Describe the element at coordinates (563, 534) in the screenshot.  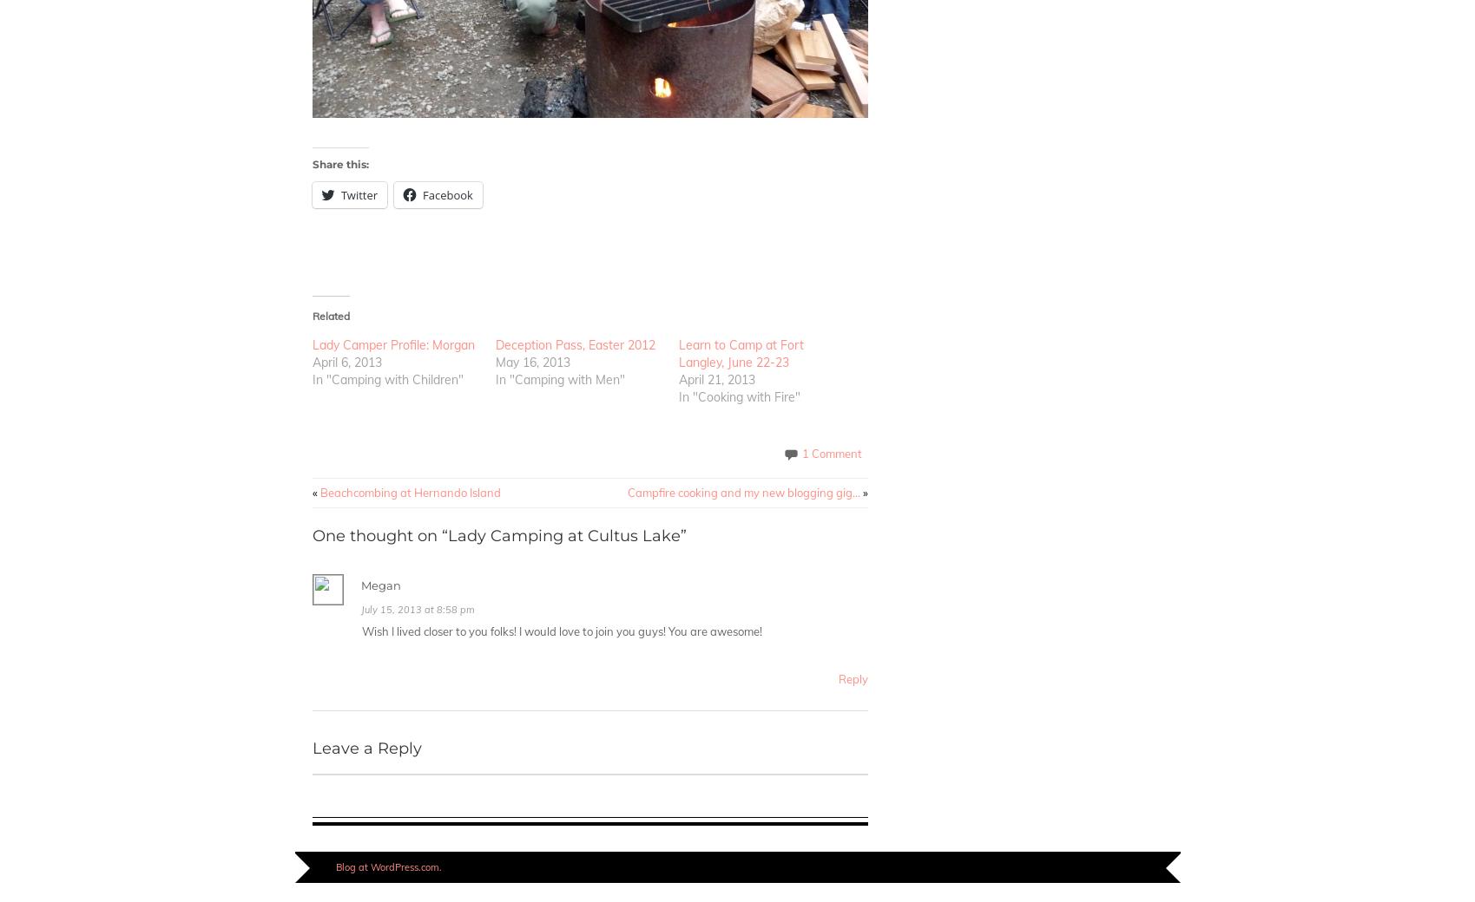
I see `'Lady Camping at Cultus Lake'` at that location.